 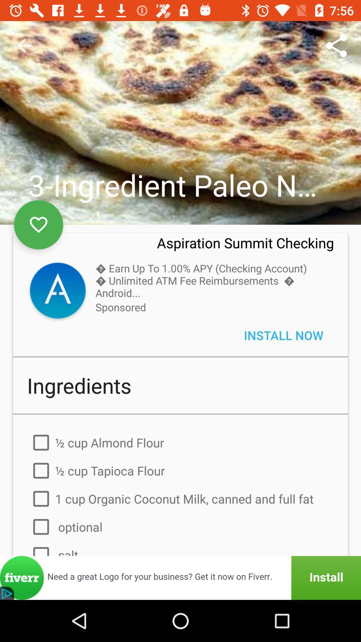 What do you see at coordinates (38, 225) in the screenshot?
I see `to favorites` at bounding box center [38, 225].